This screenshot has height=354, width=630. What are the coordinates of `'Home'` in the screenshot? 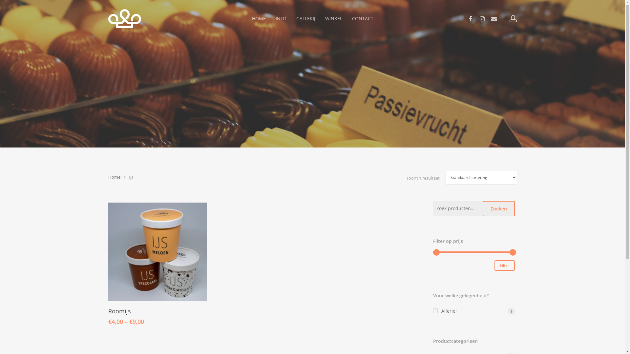 It's located at (114, 177).